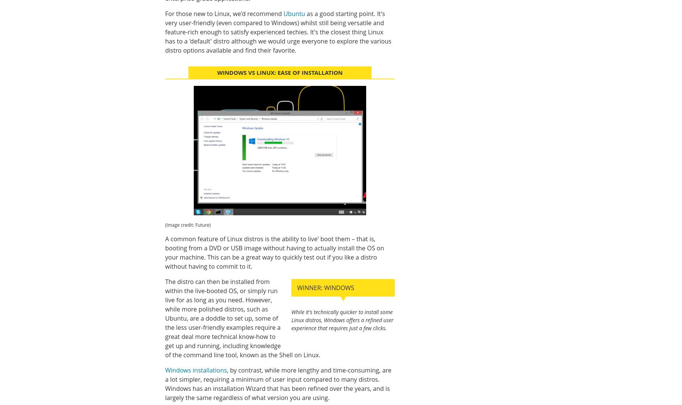 The image size is (682, 405). I want to click on 'The distro can then be installed from within the live-booted OS, or simply run live for as long as you need. However, while more polished distros, such as Ubuntu, are a doddle to set up, some of the less user-friendly examples require a great deal more technical know-how to get up and running, including knowledge of the command line tool, known as the Shell on Linux.', so click(243, 318).